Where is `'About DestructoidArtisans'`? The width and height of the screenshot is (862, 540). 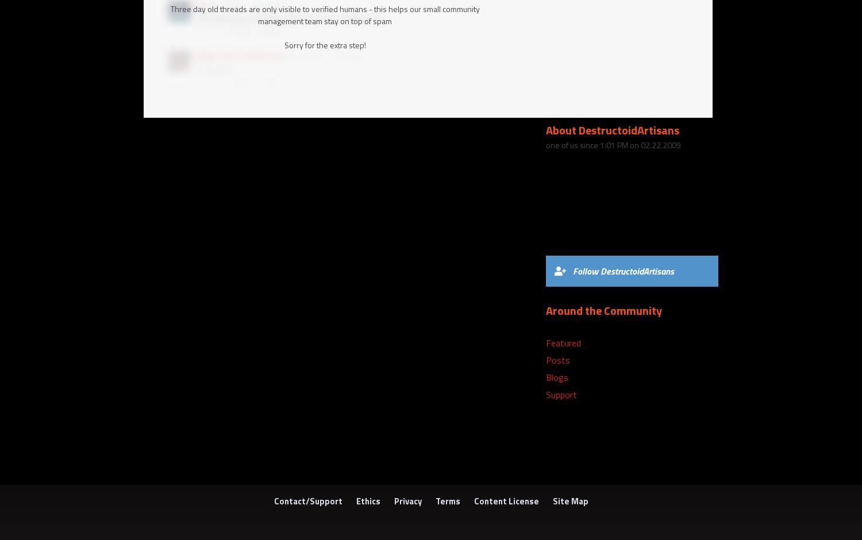
'About DestructoidArtisans' is located at coordinates (612, 129).